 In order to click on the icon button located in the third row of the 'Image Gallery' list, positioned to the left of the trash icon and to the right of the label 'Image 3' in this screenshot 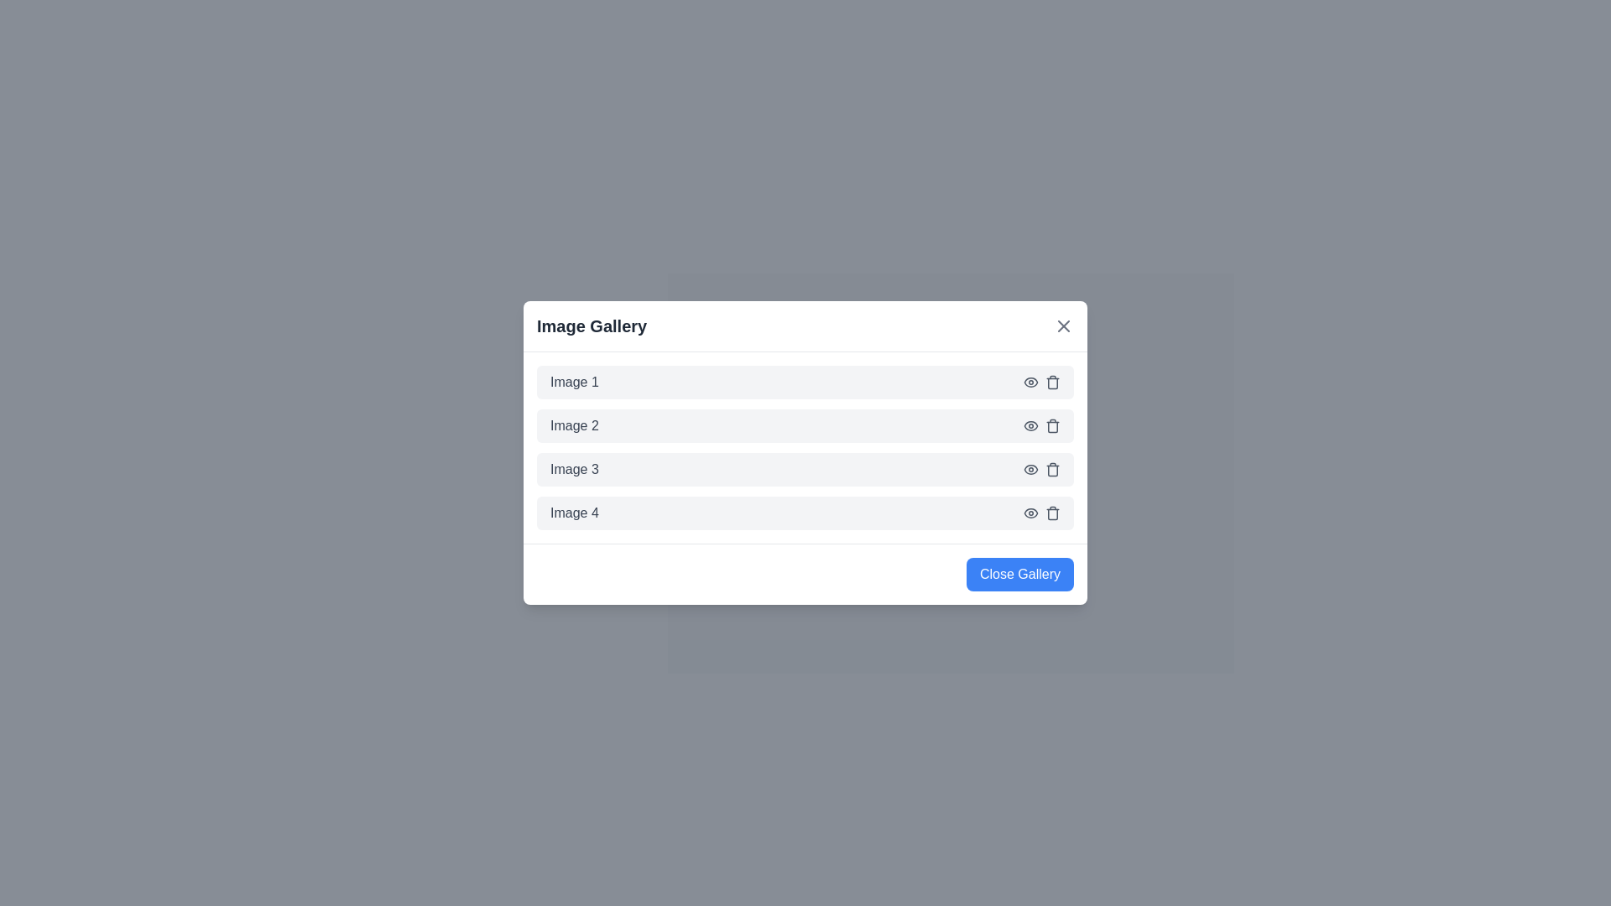, I will do `click(1030, 469)`.